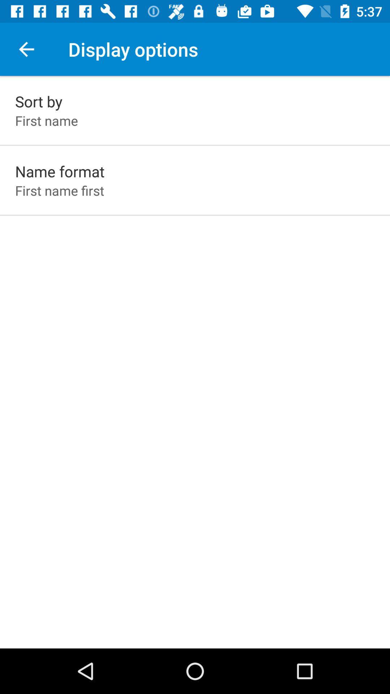  What do you see at coordinates (59, 171) in the screenshot?
I see `item above first name first item` at bounding box center [59, 171].